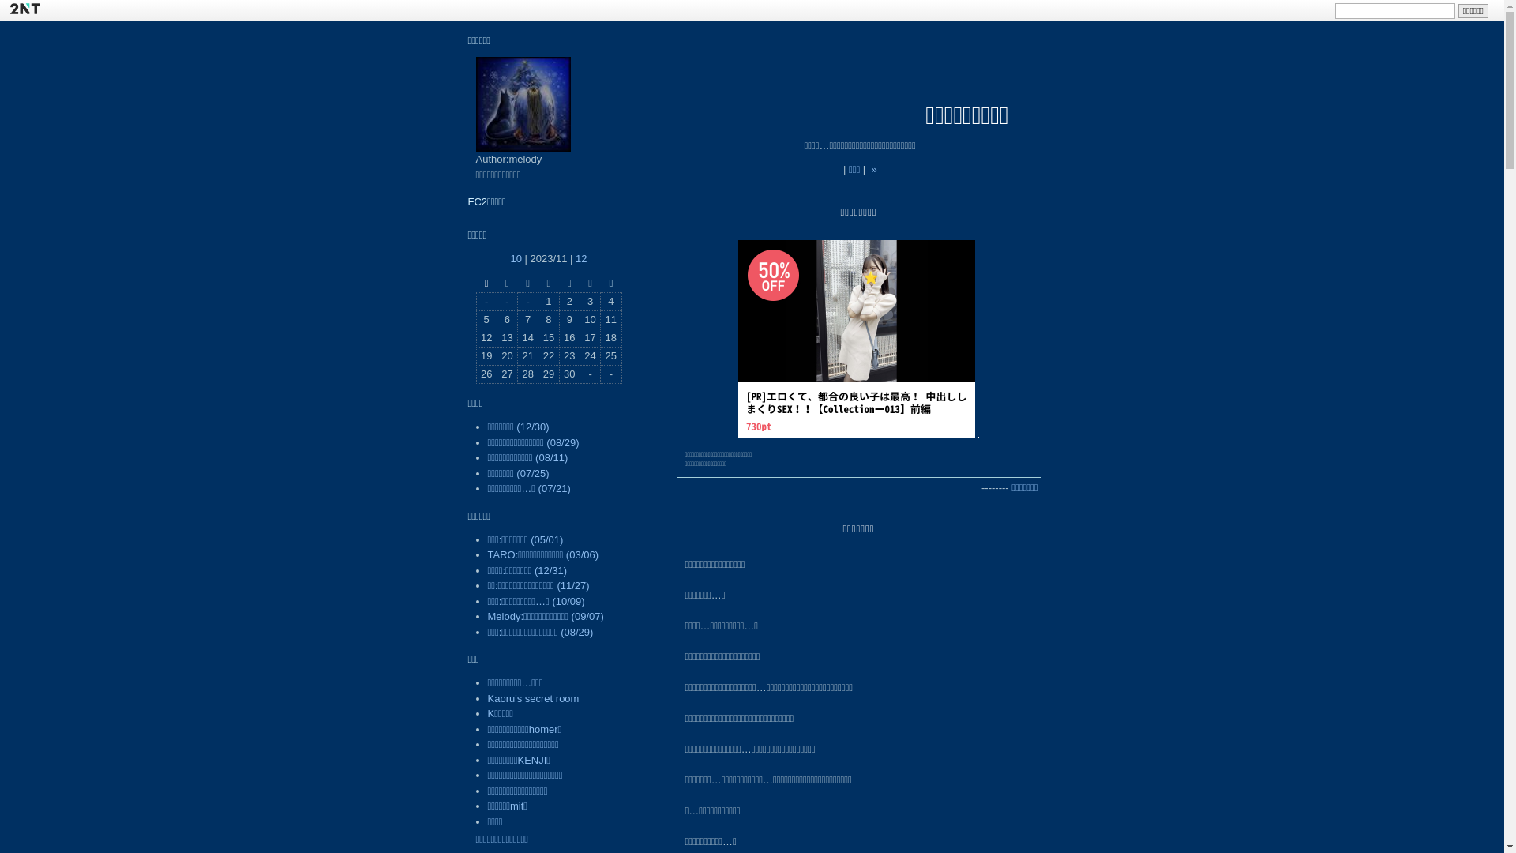 The width and height of the screenshot is (1516, 853). Describe the element at coordinates (580, 257) in the screenshot. I see `'12'` at that location.